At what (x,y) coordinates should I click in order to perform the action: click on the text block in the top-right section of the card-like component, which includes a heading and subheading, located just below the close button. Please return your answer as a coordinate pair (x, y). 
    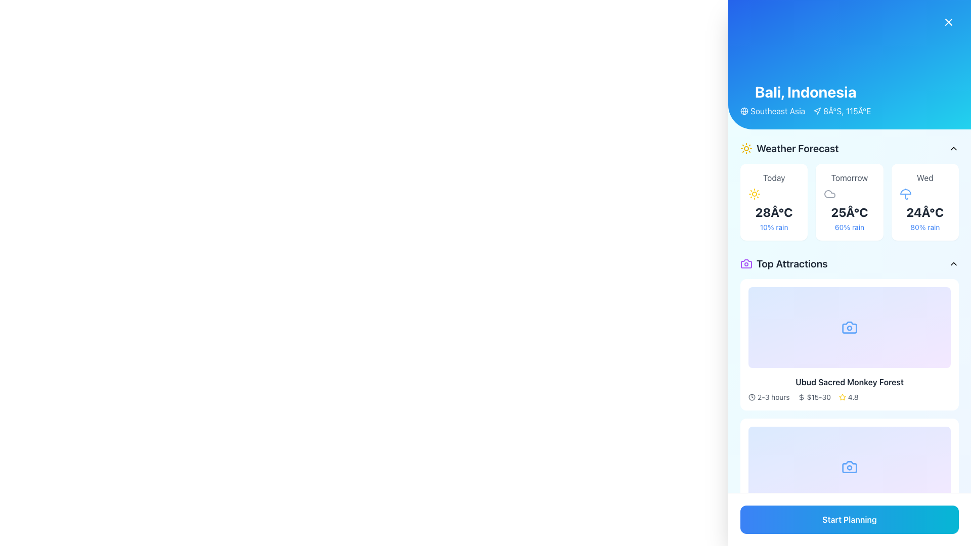
    Looking at the image, I should click on (805, 100).